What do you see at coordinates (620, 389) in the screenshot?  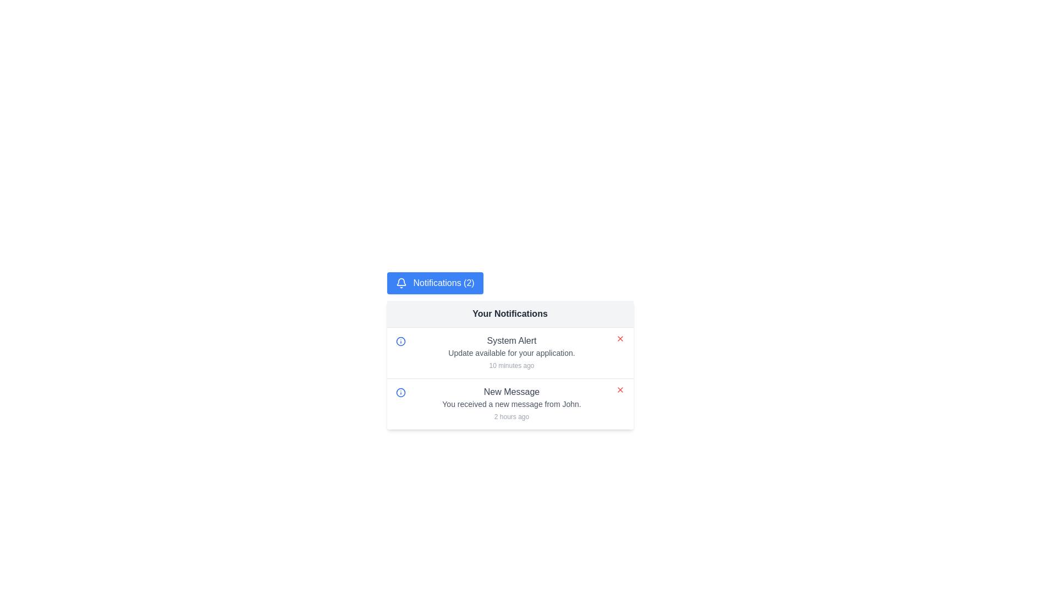 I see `the small red cross (✗) button located at the top-right corner of the 'New Message' notification card` at bounding box center [620, 389].